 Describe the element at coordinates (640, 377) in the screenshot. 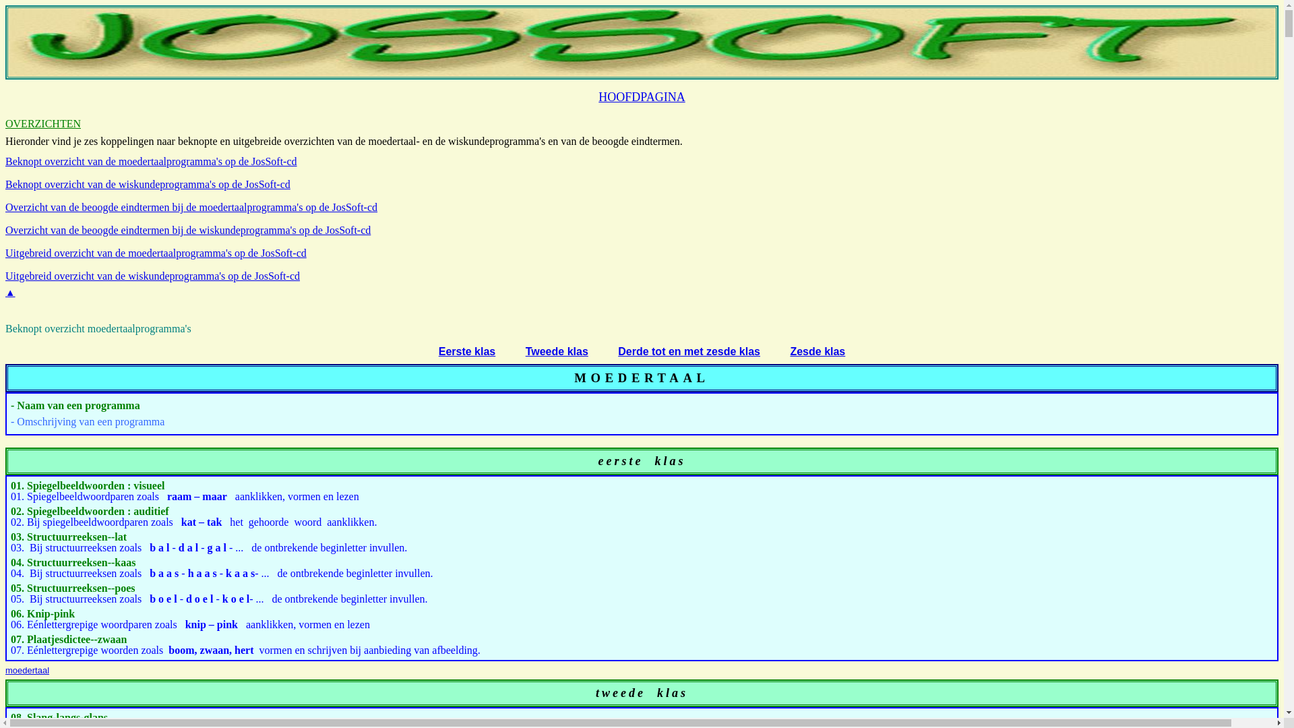

I see `'MOEDERTAAL'` at that location.